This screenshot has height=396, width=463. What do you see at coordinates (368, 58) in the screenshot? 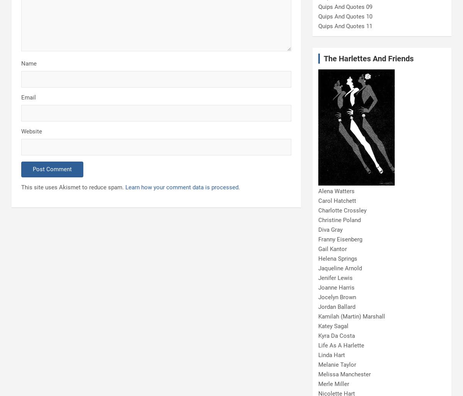
I see `'The Harlettes And Friends'` at bounding box center [368, 58].